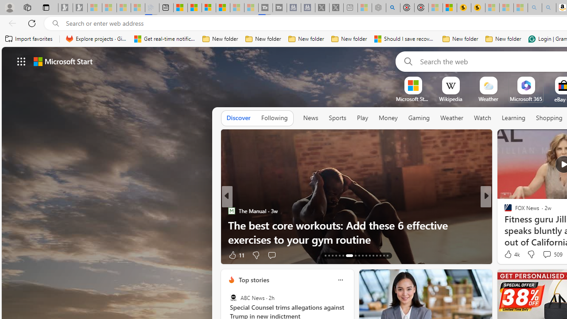 Image resolution: width=567 pixels, height=319 pixels. Describe the element at coordinates (365, 8) in the screenshot. I see `'Wildlife - MSN - Sleeping'` at that location.